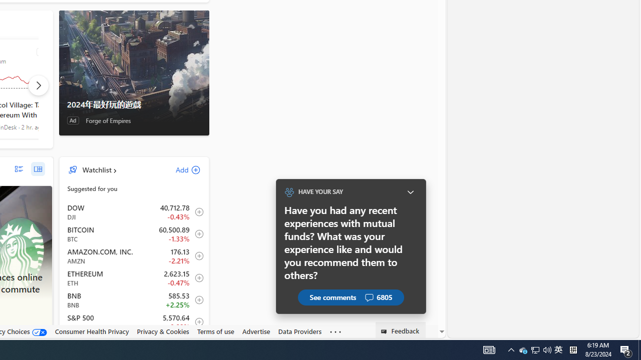 The width and height of the screenshot is (641, 360). Describe the element at coordinates (92, 331) in the screenshot. I see `'Consumer Health Privacy'` at that location.